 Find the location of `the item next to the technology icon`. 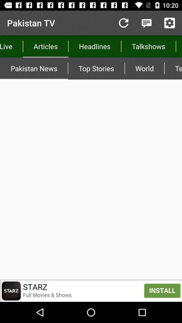

the item next to the technology icon is located at coordinates (144, 68).